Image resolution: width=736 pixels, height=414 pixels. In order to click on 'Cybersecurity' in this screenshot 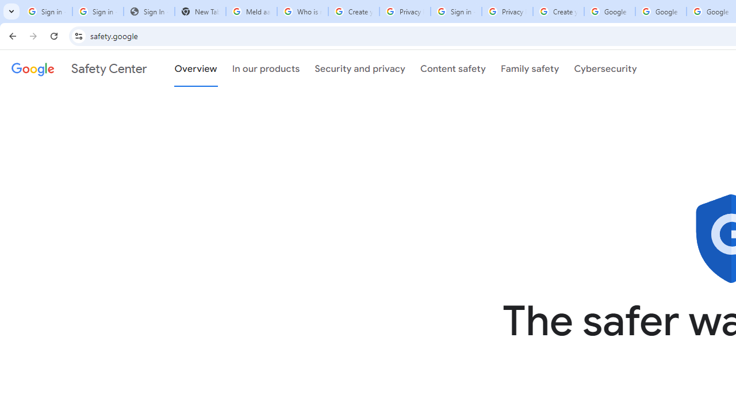, I will do `click(605, 68)`.